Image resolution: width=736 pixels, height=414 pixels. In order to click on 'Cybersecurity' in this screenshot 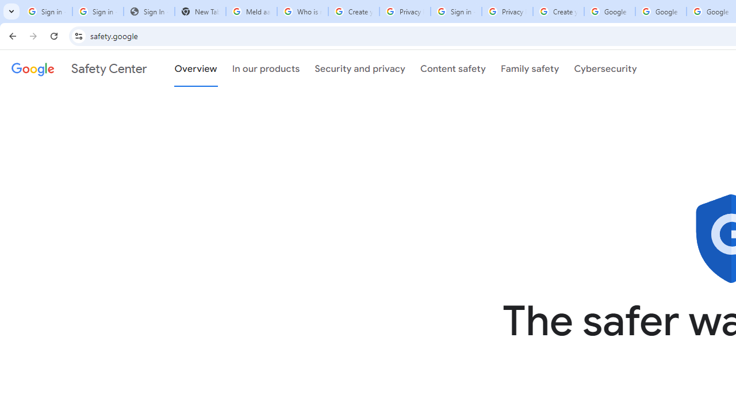, I will do `click(605, 68)`.